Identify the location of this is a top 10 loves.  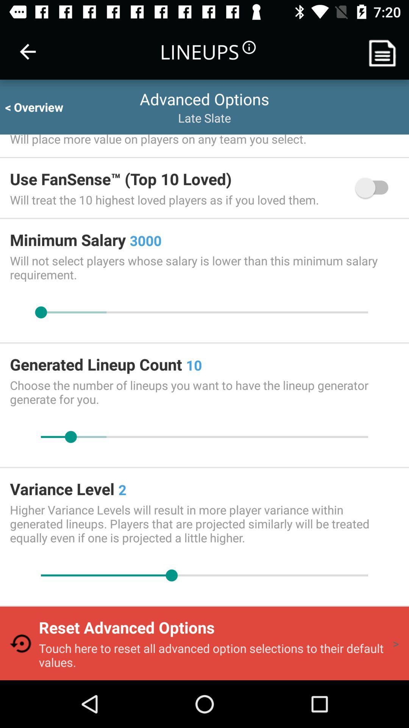
(375, 188).